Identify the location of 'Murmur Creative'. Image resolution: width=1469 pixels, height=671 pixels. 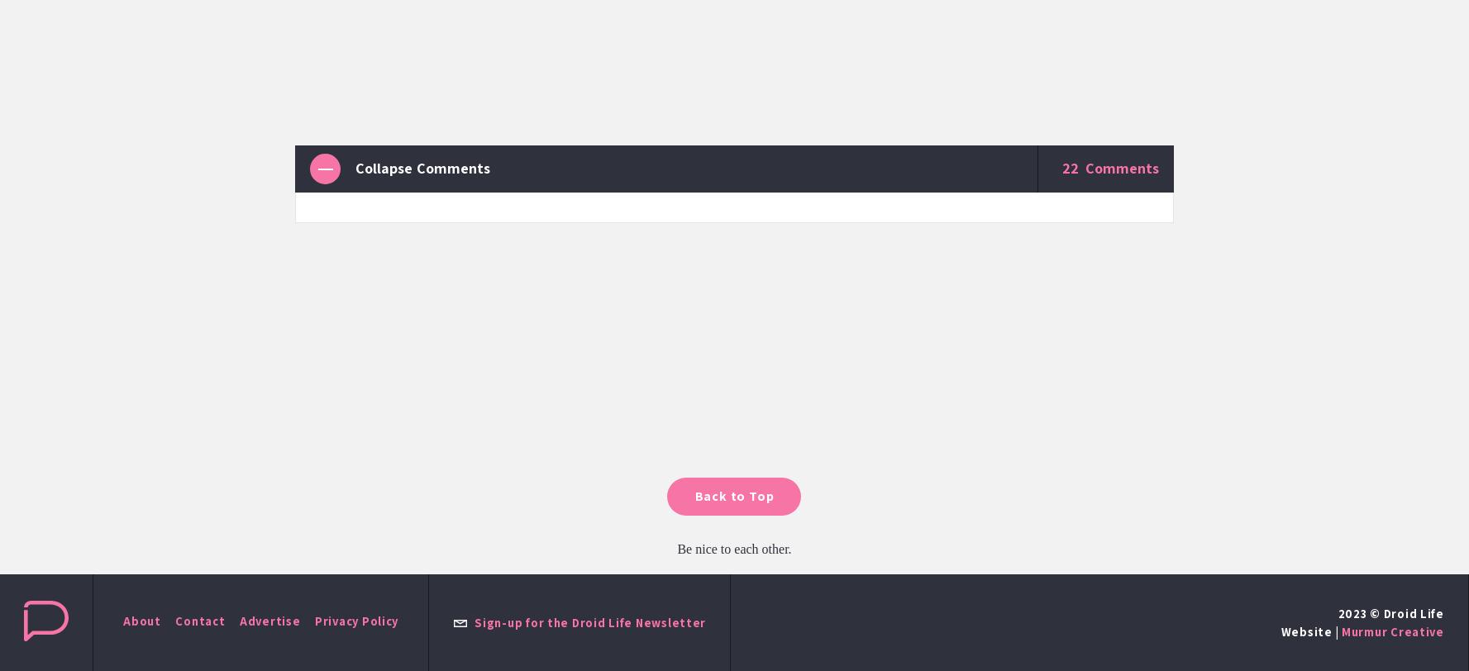
(1391, 631).